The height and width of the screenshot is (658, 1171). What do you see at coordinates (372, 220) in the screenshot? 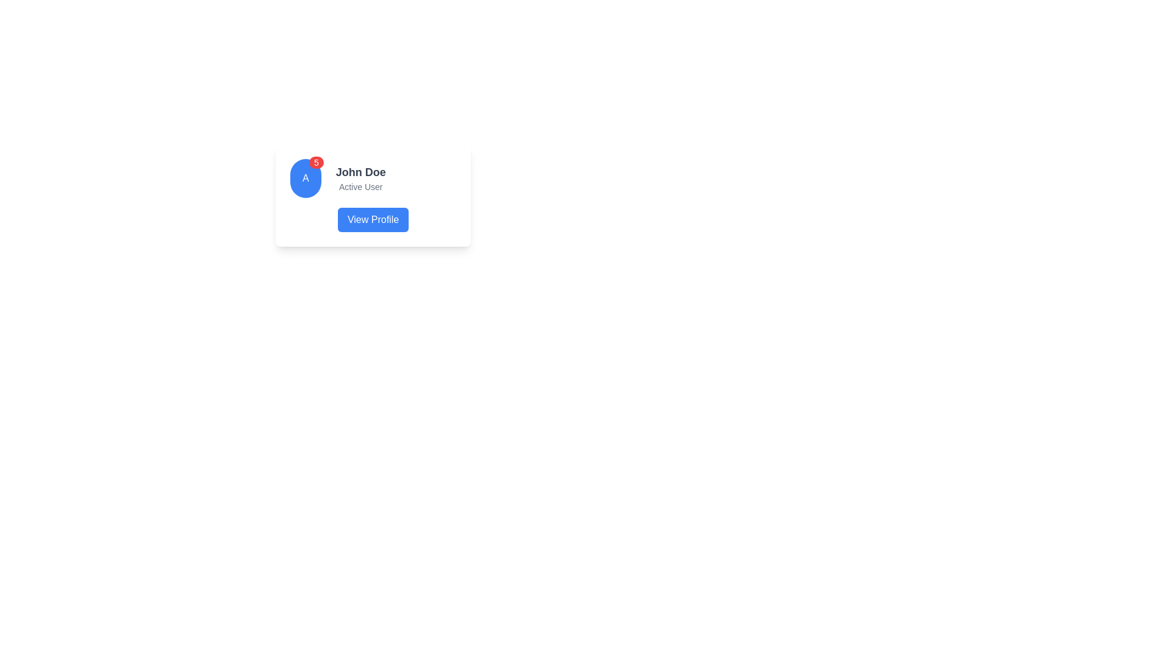
I see `the button located at the bottom of the card component, which is centered horizontally and follows the 'John Doe' label and 'Active User' status indicators, to change its background color` at bounding box center [372, 220].